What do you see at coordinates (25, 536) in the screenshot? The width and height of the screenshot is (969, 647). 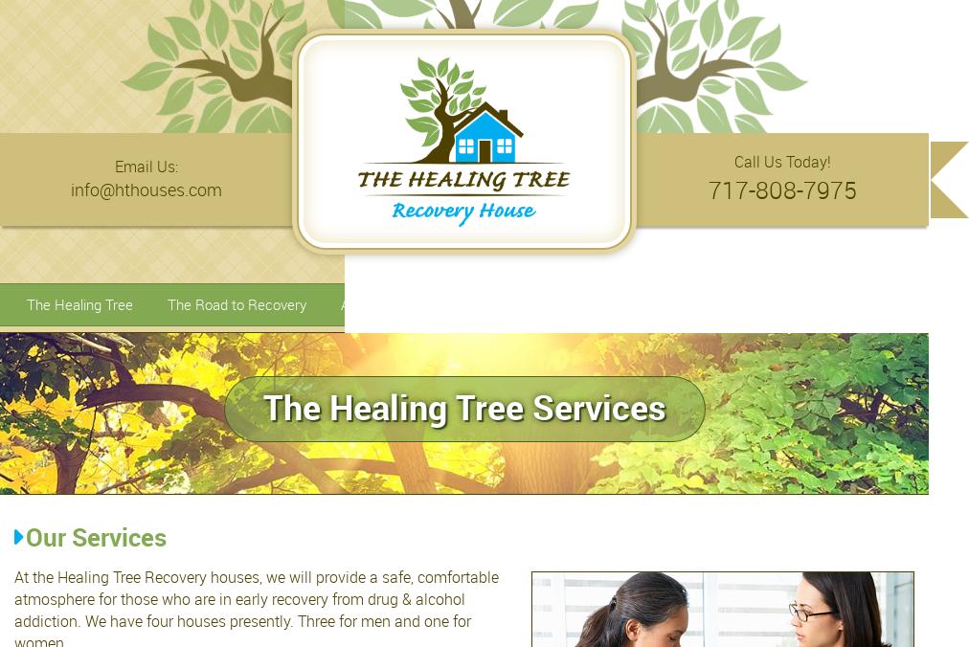 I see `'Our Services'` at bounding box center [25, 536].